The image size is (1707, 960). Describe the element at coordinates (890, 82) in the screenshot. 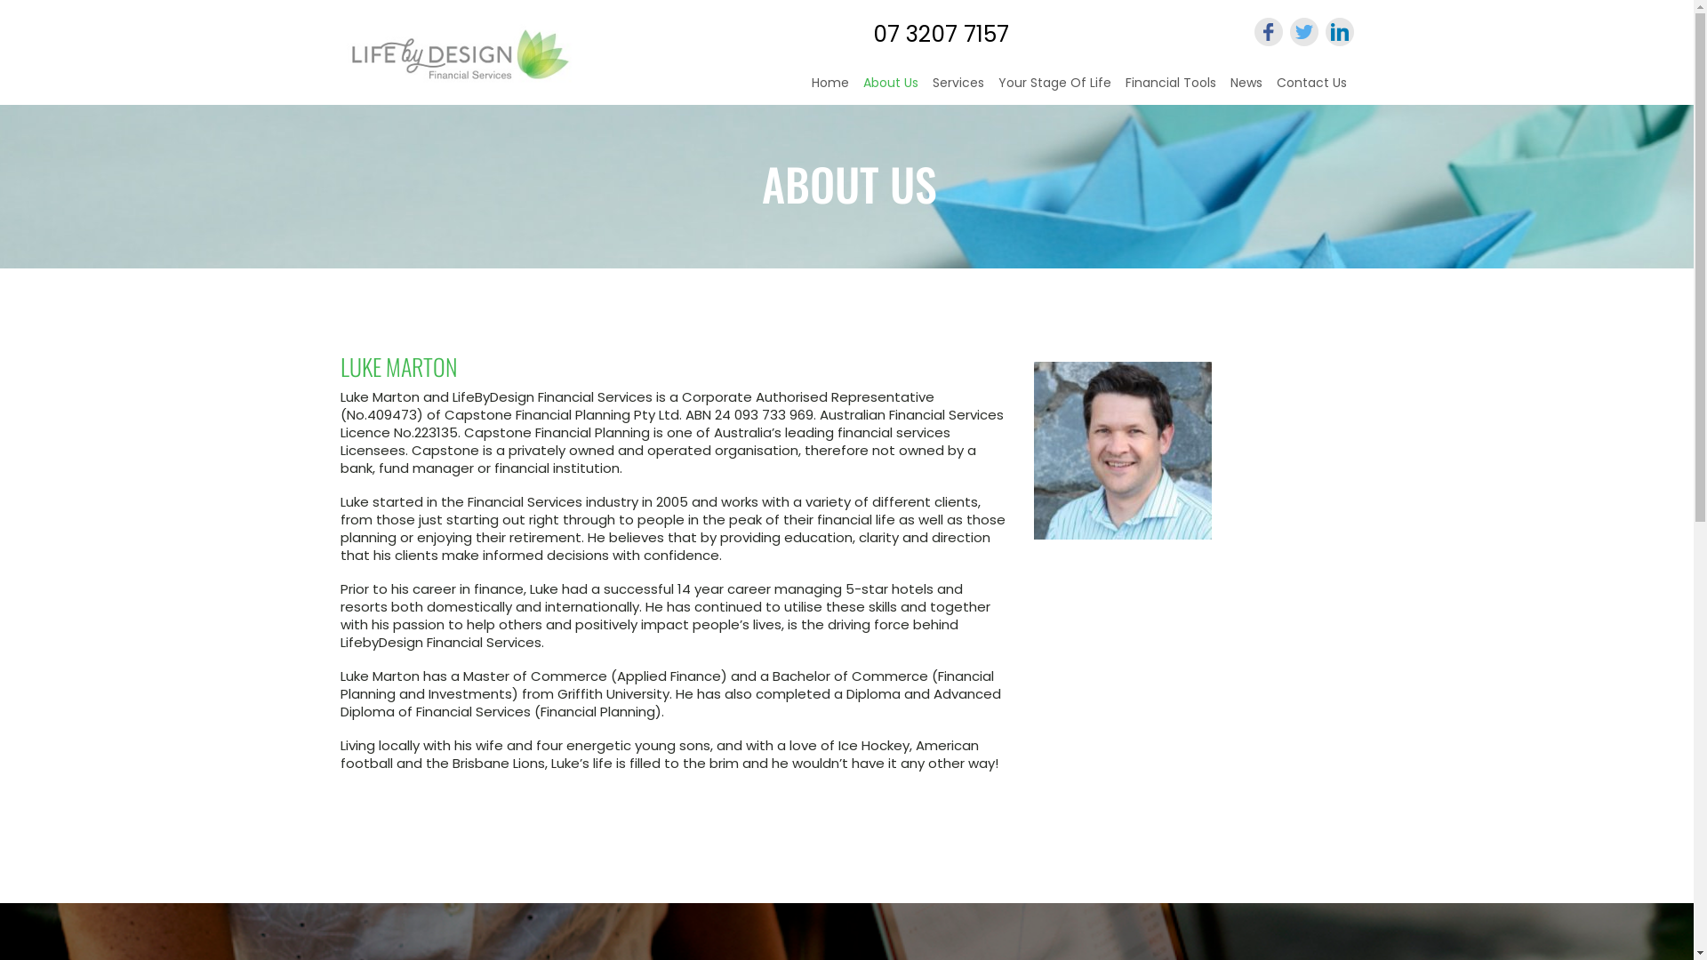

I see `'About Us'` at that location.